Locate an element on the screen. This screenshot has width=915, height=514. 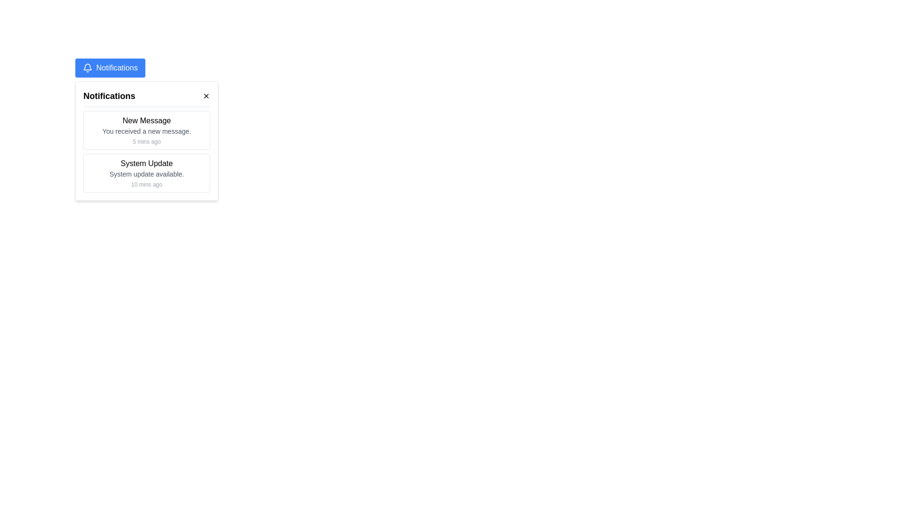
the Notification List in the dropdown notification panel to navigate with keyboard is located at coordinates (146, 151).